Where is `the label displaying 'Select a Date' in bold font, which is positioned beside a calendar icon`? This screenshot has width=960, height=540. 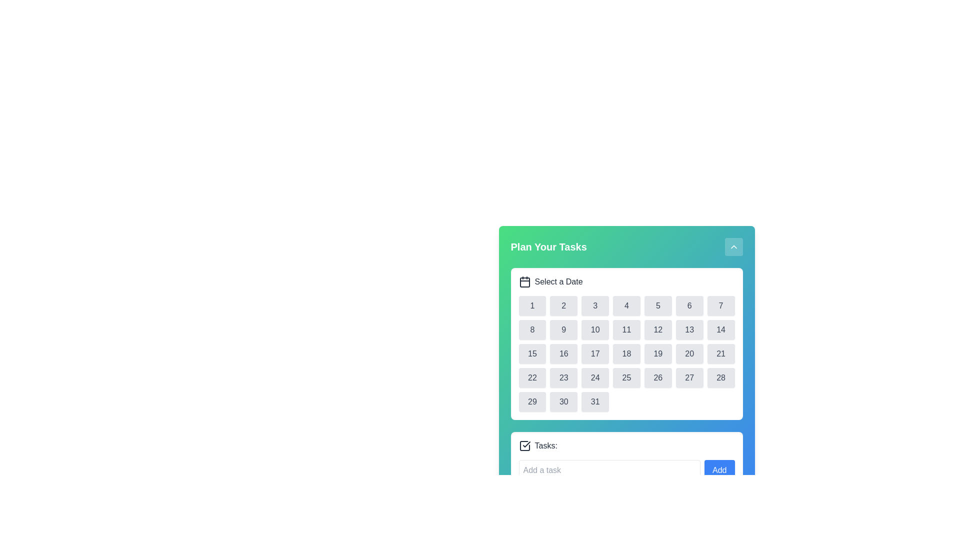
the label displaying 'Select a Date' in bold font, which is positioned beside a calendar icon is located at coordinates (558, 281).